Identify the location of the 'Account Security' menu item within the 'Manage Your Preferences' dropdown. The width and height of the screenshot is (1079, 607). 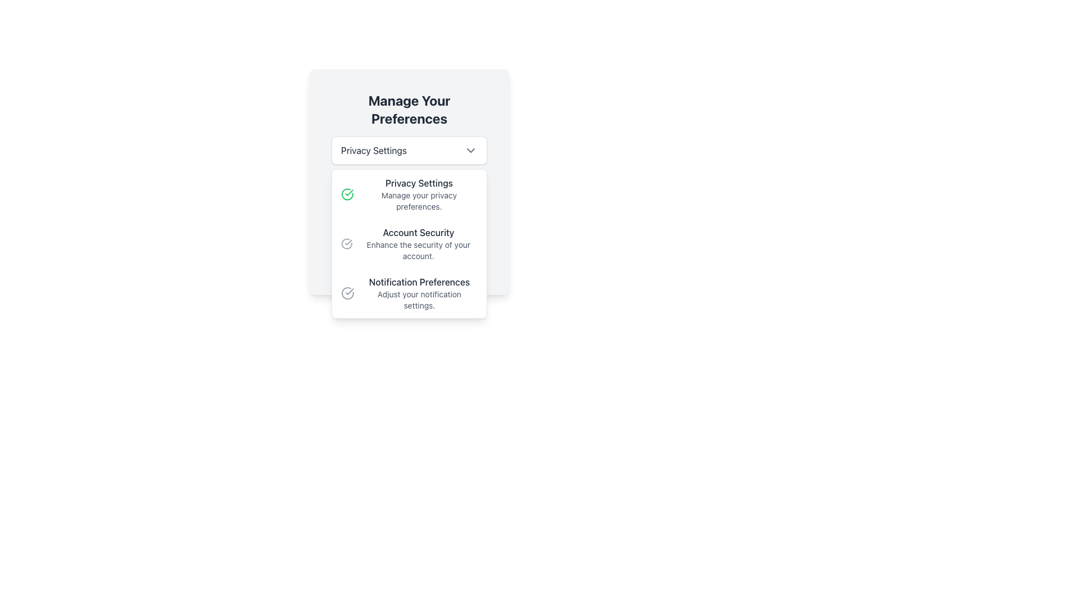
(409, 243).